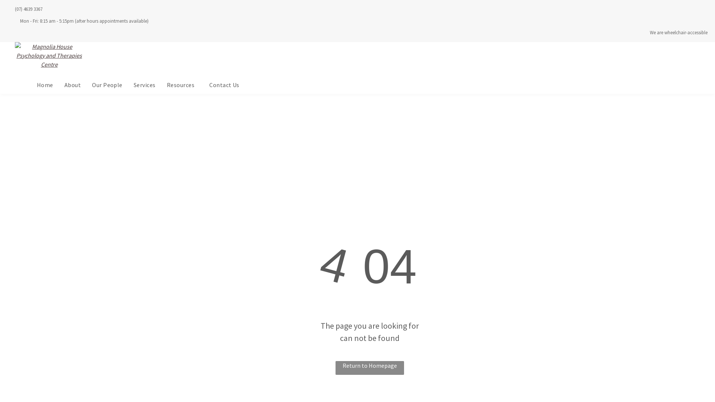 This screenshot has height=402, width=715. Describe the element at coordinates (649, 32) in the screenshot. I see `'We are wheelchair-accessible'` at that location.